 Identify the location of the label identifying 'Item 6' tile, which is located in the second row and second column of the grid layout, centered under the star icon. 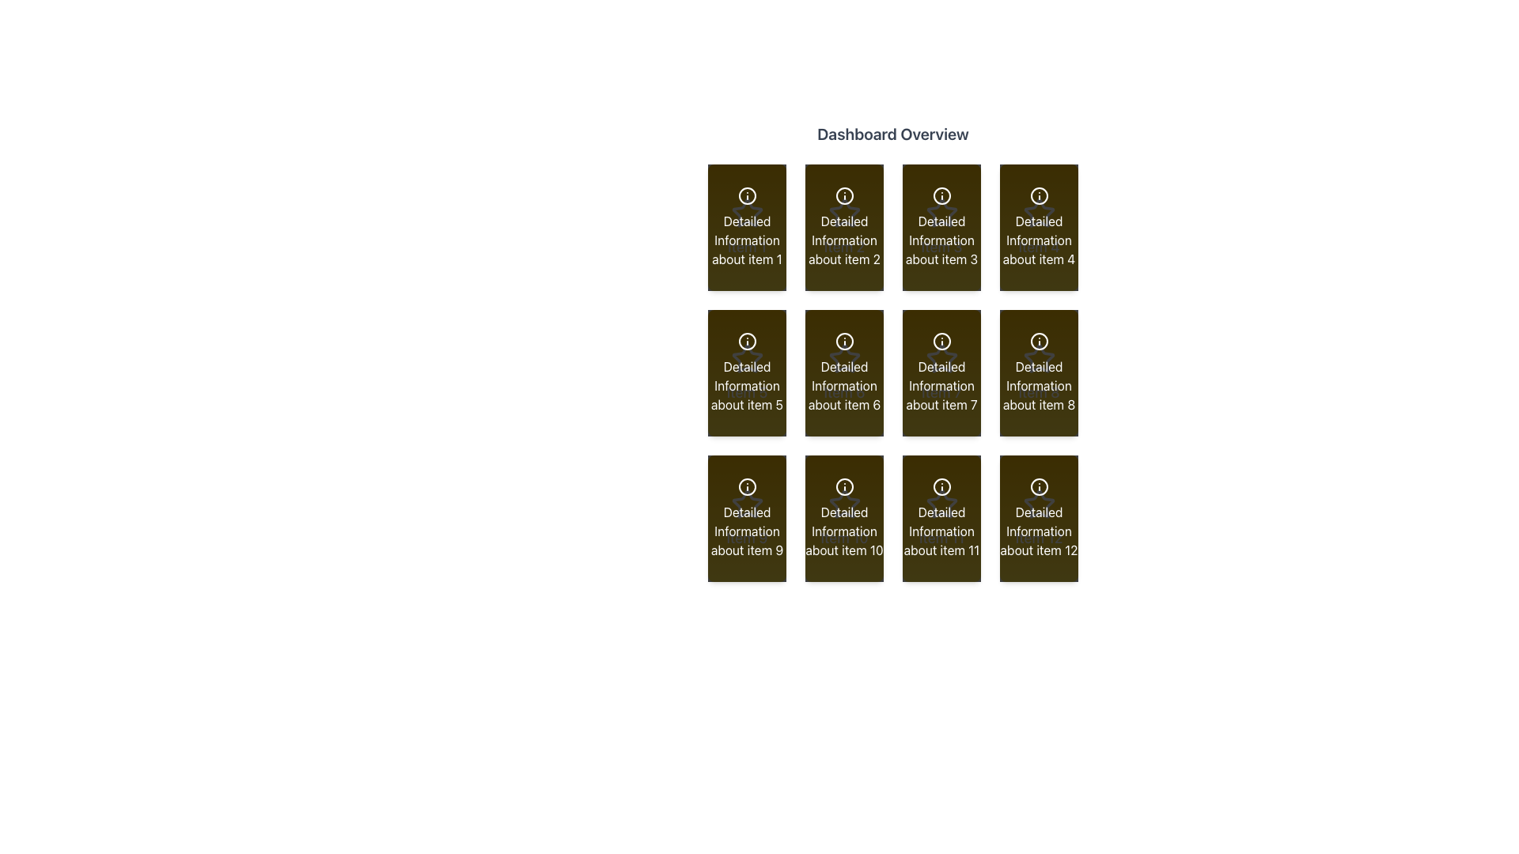
(843, 392).